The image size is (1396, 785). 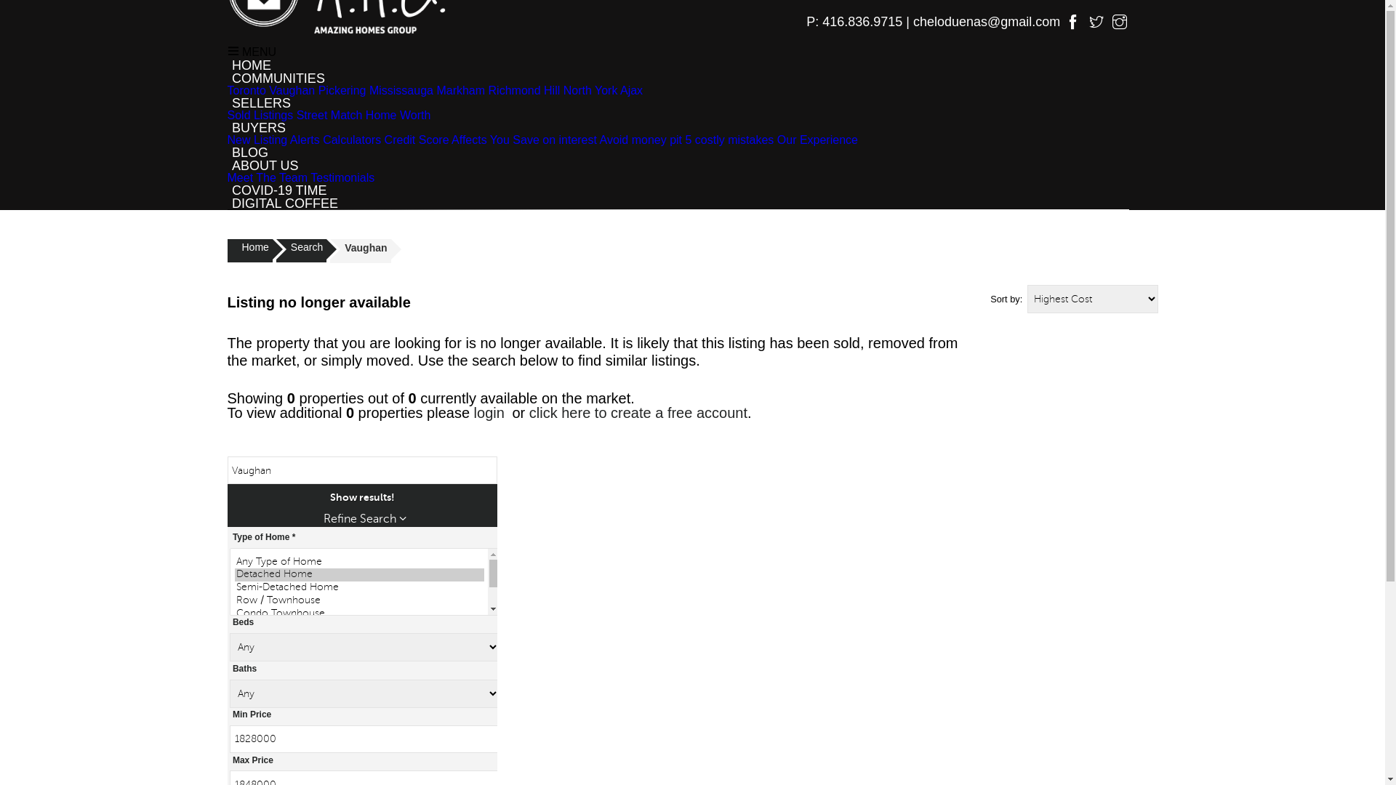 What do you see at coordinates (988, 22) in the screenshot?
I see `'cheloduenas@gmail.com'` at bounding box center [988, 22].